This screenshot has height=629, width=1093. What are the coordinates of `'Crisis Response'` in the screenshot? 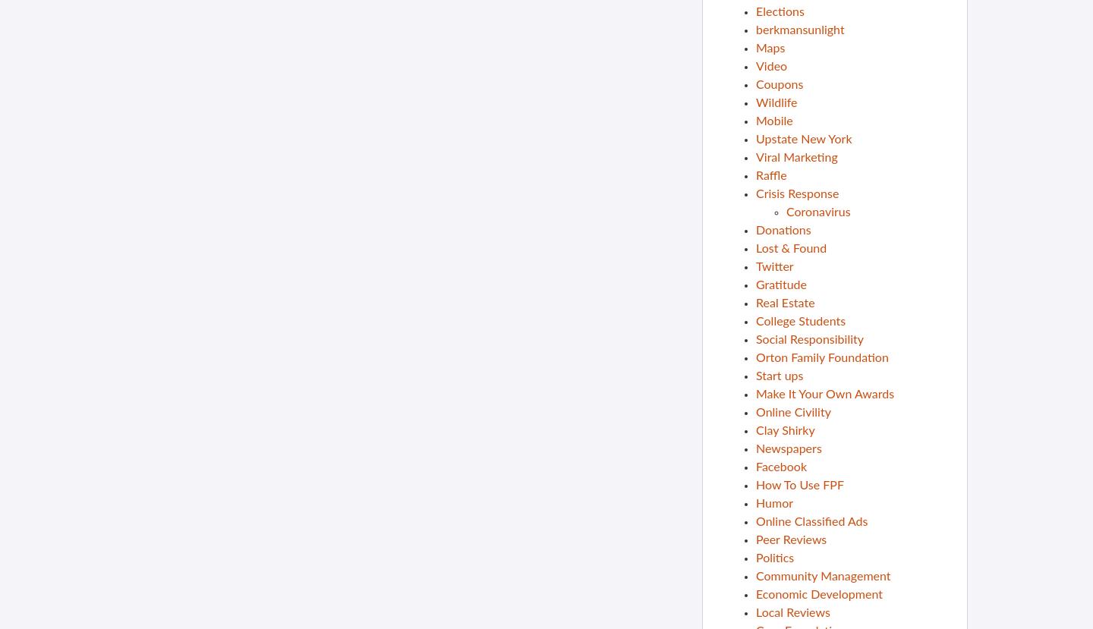 It's located at (755, 193).